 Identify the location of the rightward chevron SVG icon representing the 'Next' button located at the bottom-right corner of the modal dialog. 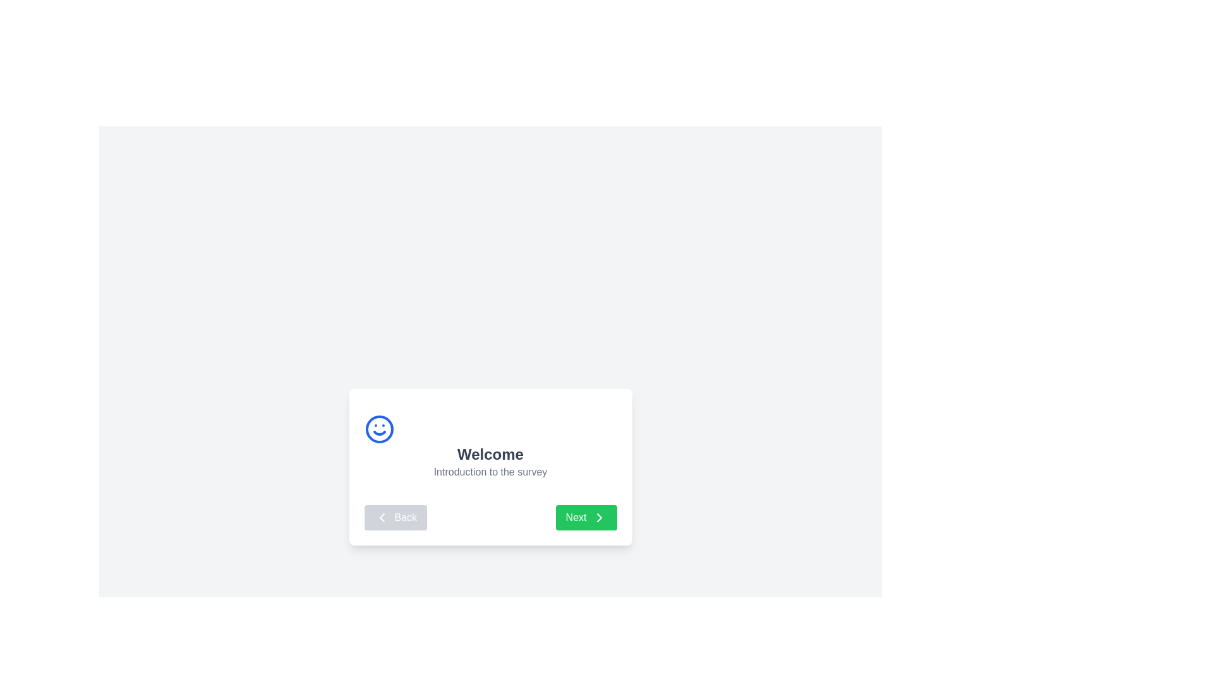
(598, 518).